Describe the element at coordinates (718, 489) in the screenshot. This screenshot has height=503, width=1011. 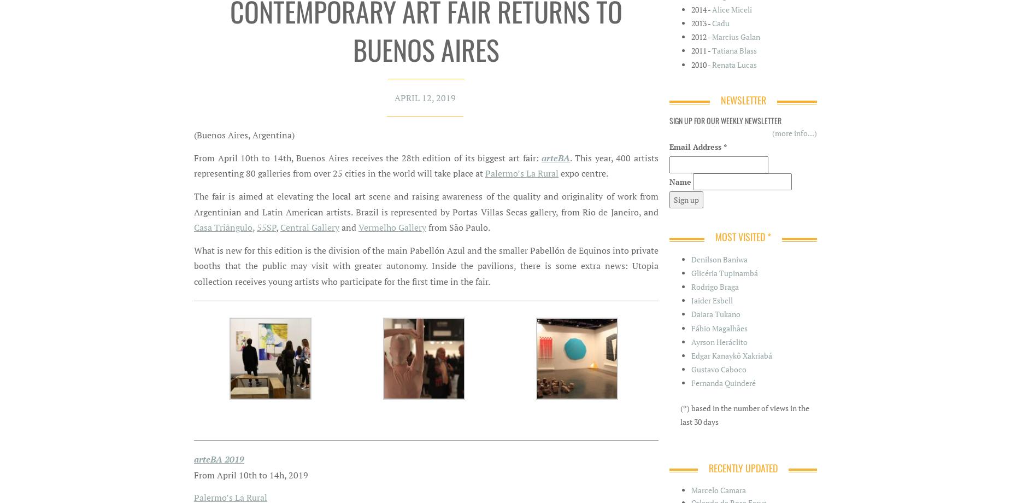
I see `'Marcelo Camara'` at that location.